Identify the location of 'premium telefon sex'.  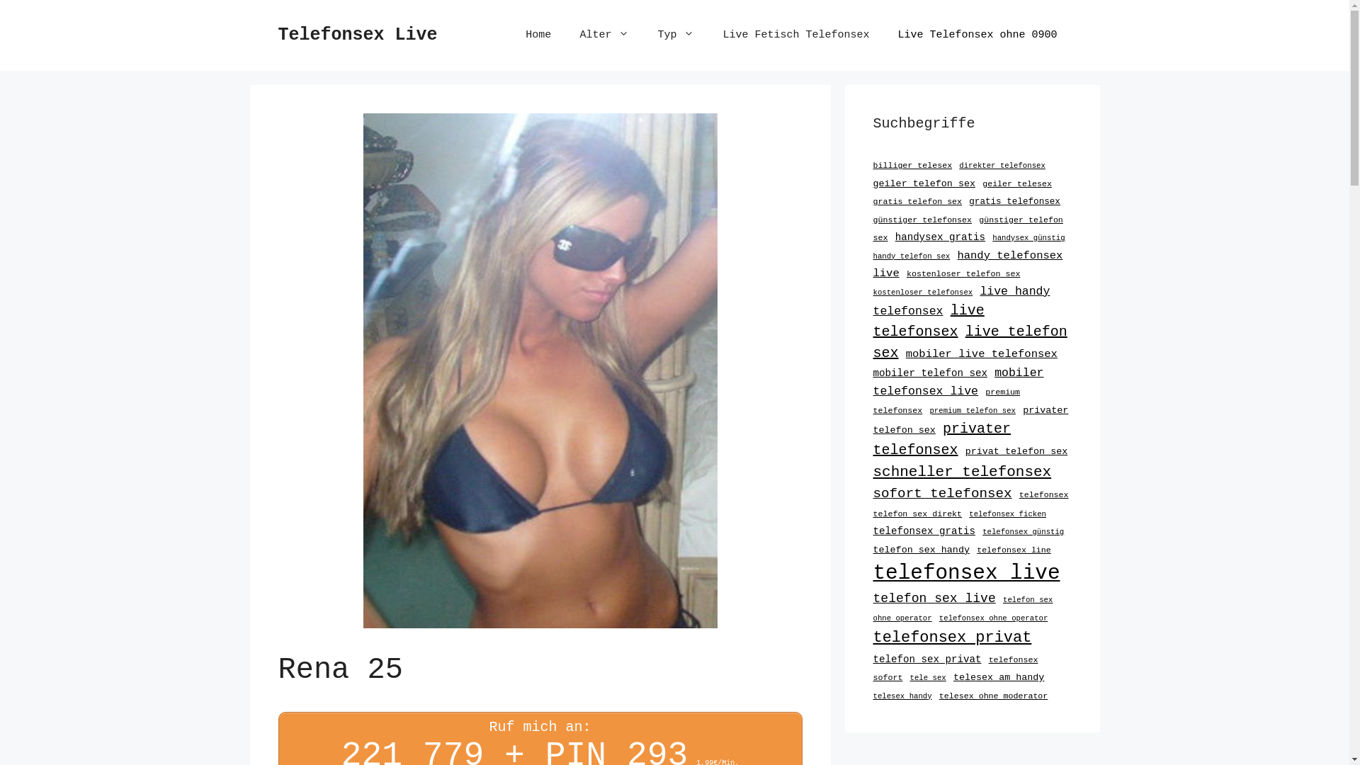
(971, 410).